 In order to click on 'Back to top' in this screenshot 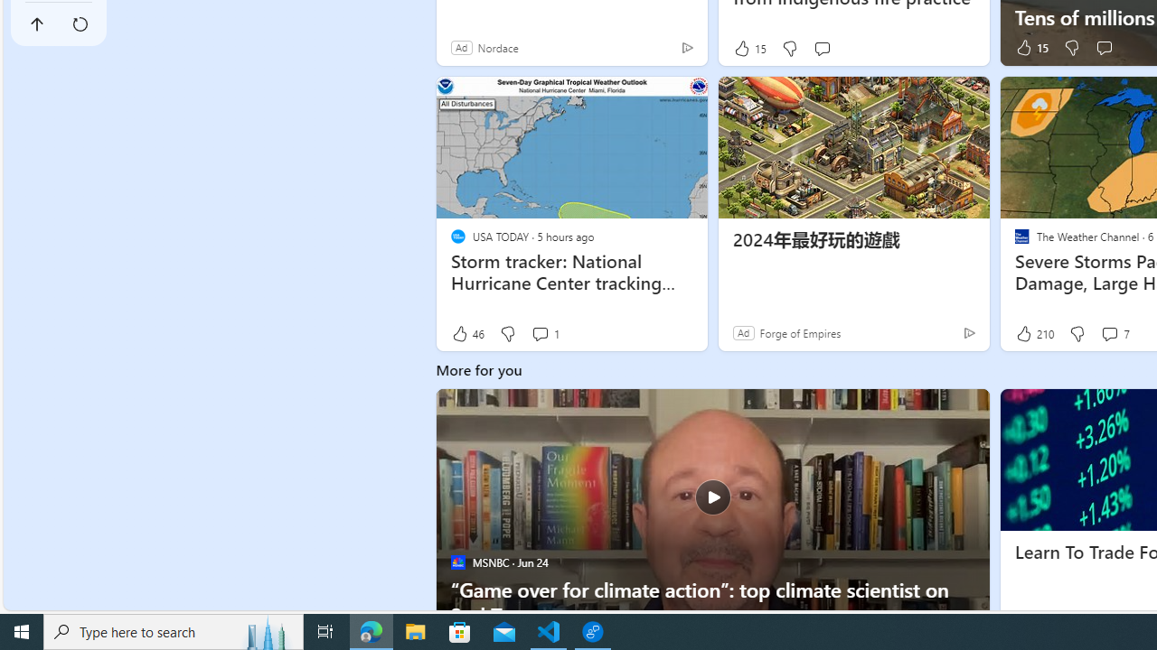, I will do `click(37, 24)`.